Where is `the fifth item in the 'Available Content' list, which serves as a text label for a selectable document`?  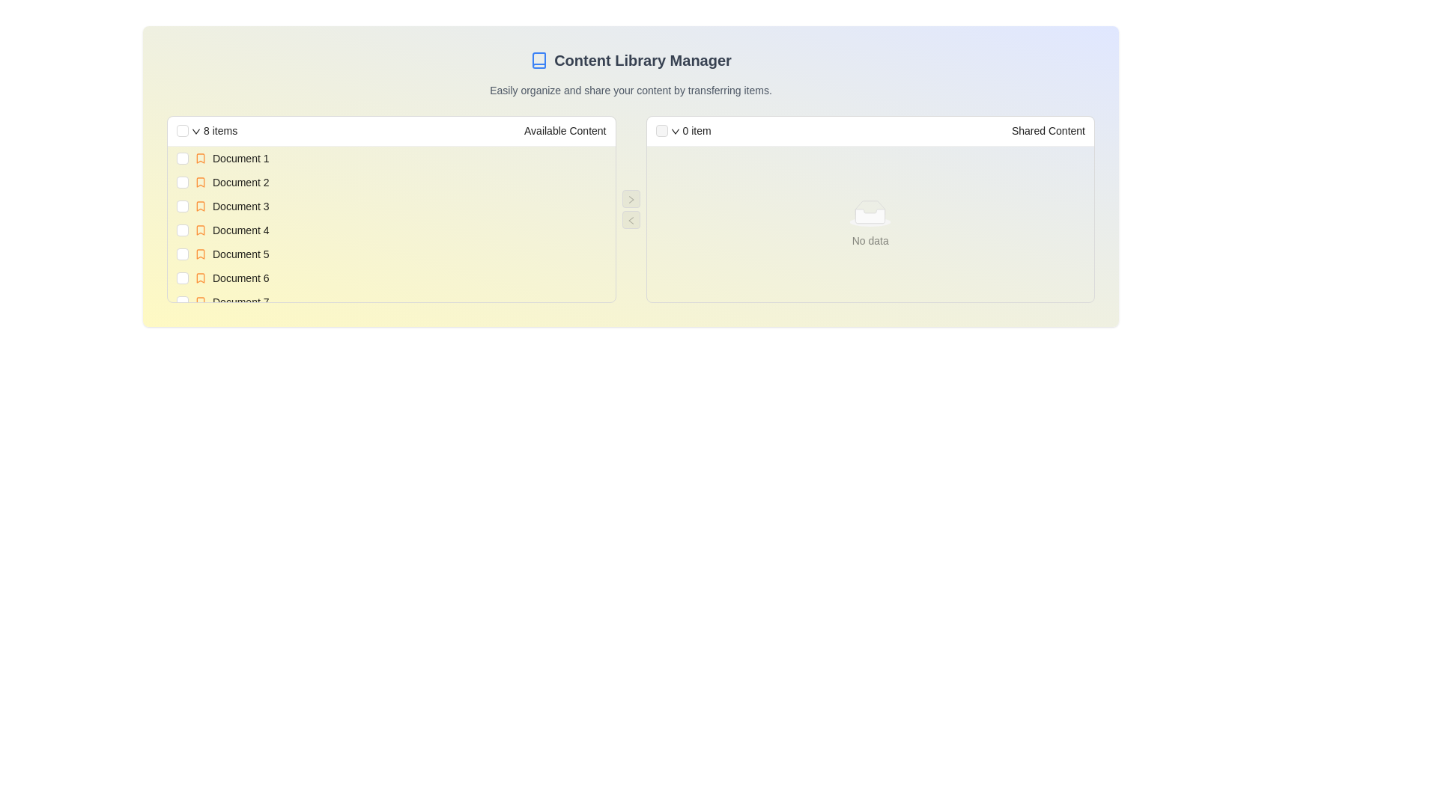 the fifth item in the 'Available Content' list, which serves as a text label for a selectable document is located at coordinates (240, 253).